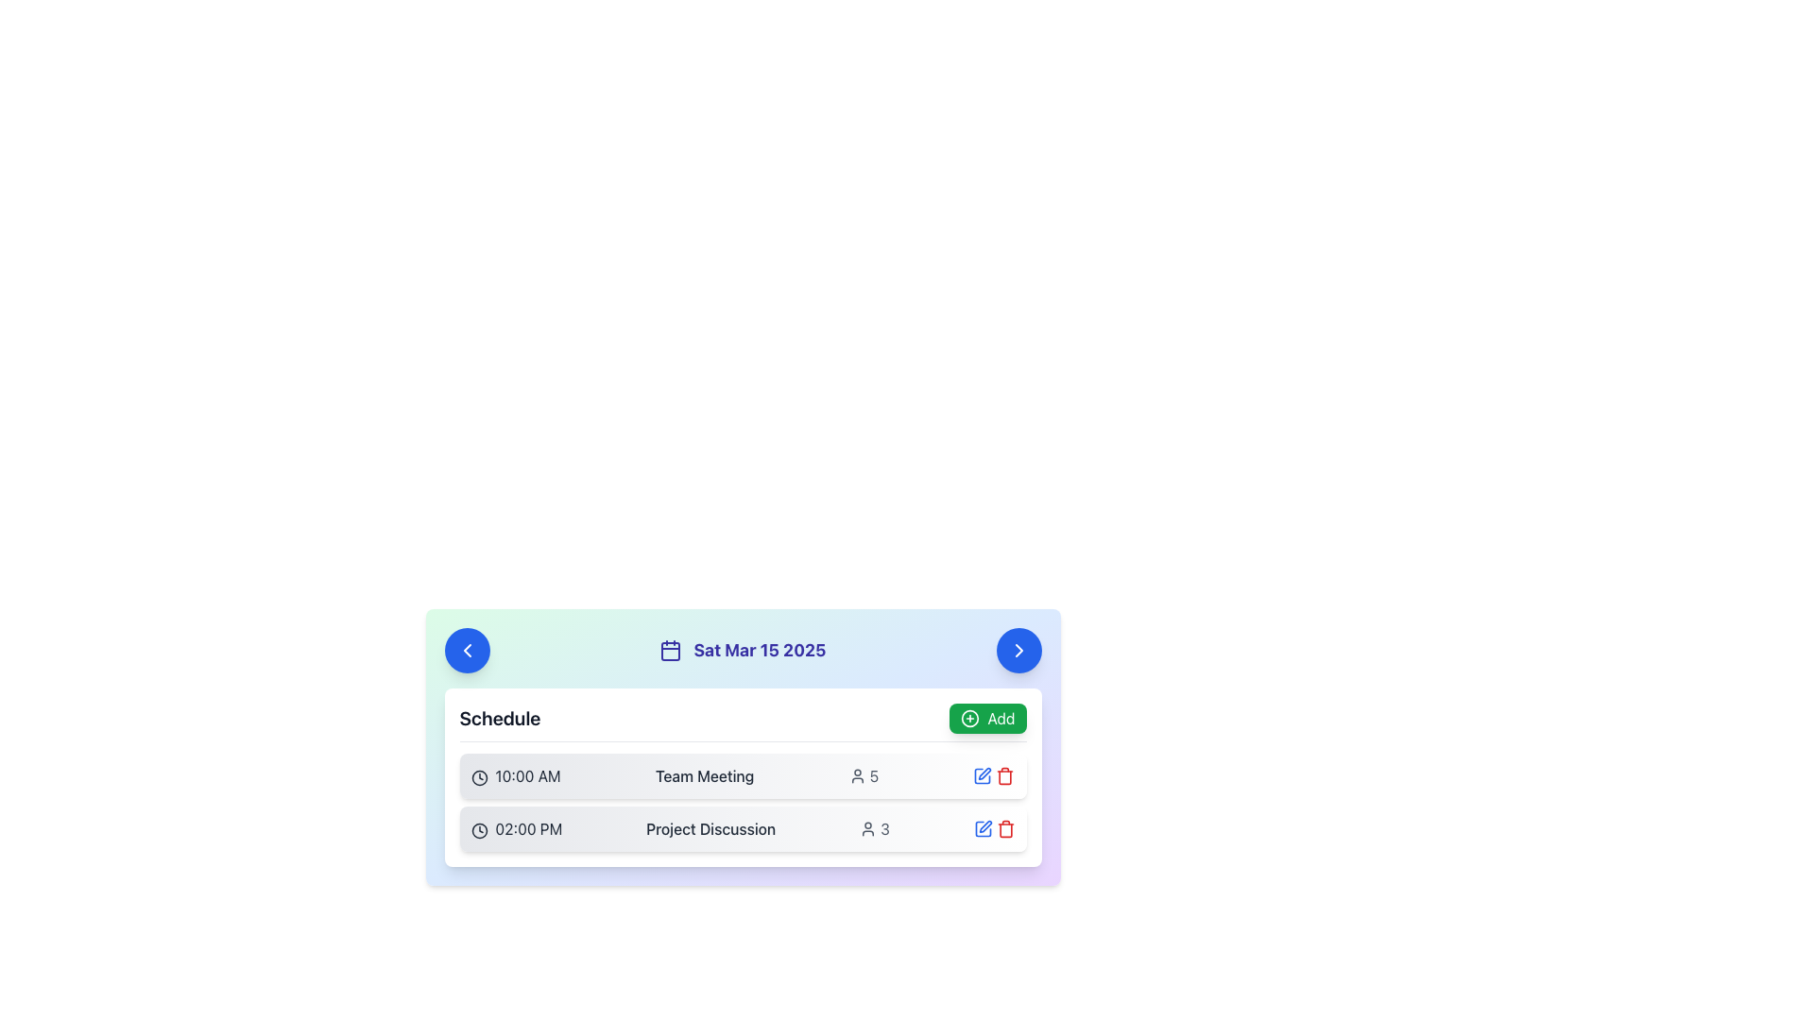 Image resolution: width=1814 pixels, height=1020 pixels. I want to click on the circular blue button with a white left-pointing chevron located to the left of the date 'Sat Mar 15 2025' in the header section, so click(467, 650).